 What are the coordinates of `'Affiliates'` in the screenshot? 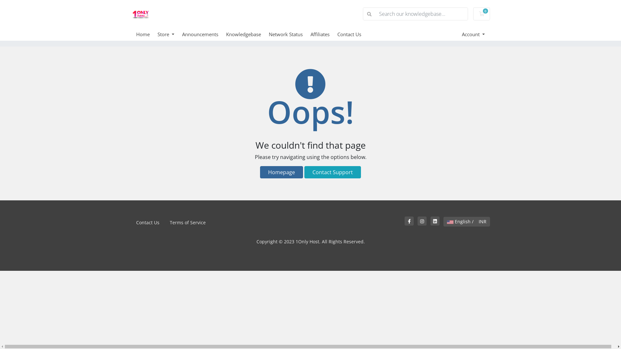 It's located at (324, 34).